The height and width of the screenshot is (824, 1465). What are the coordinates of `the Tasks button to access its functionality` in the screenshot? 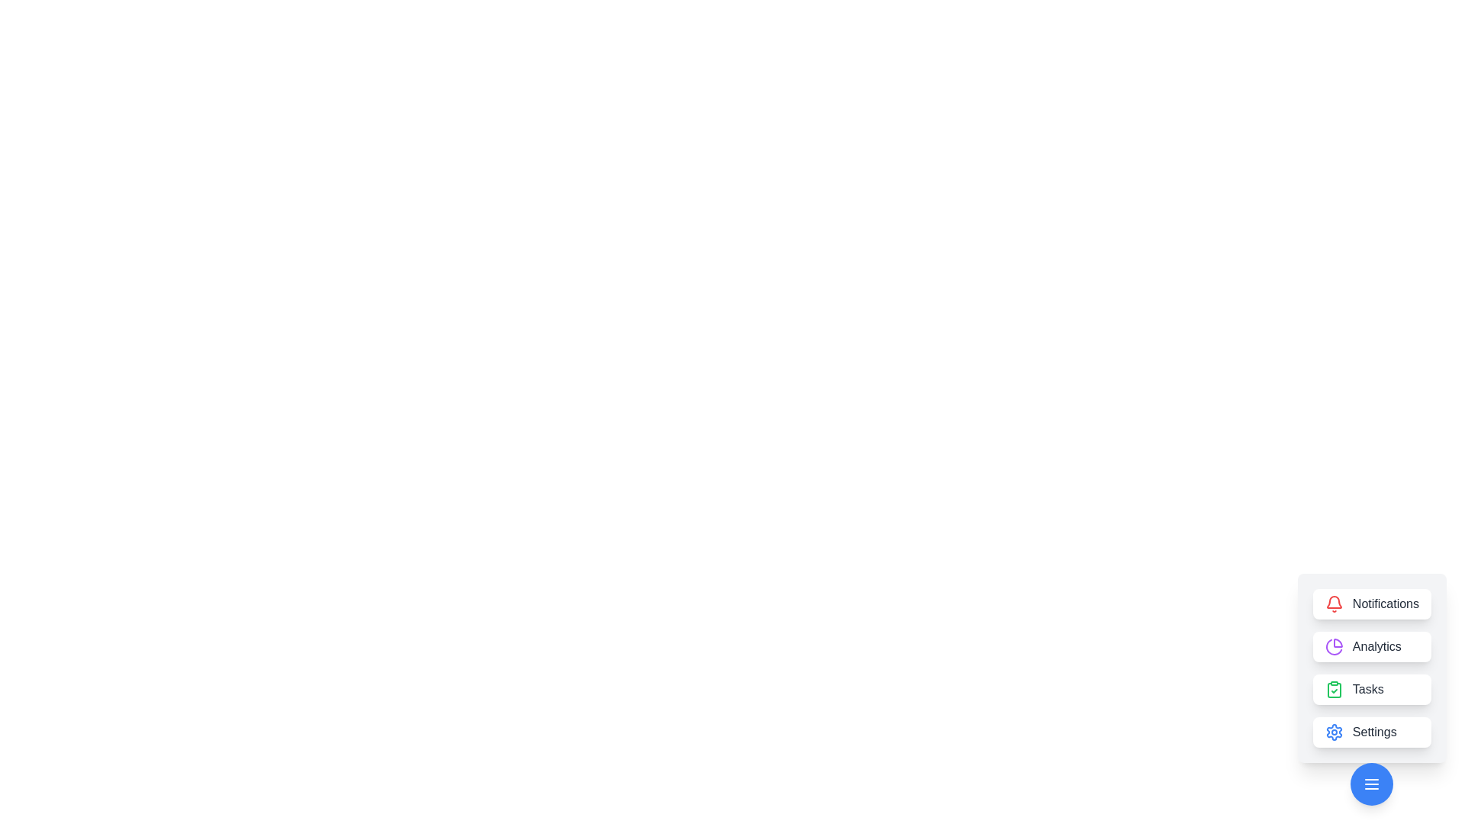 It's located at (1372, 689).